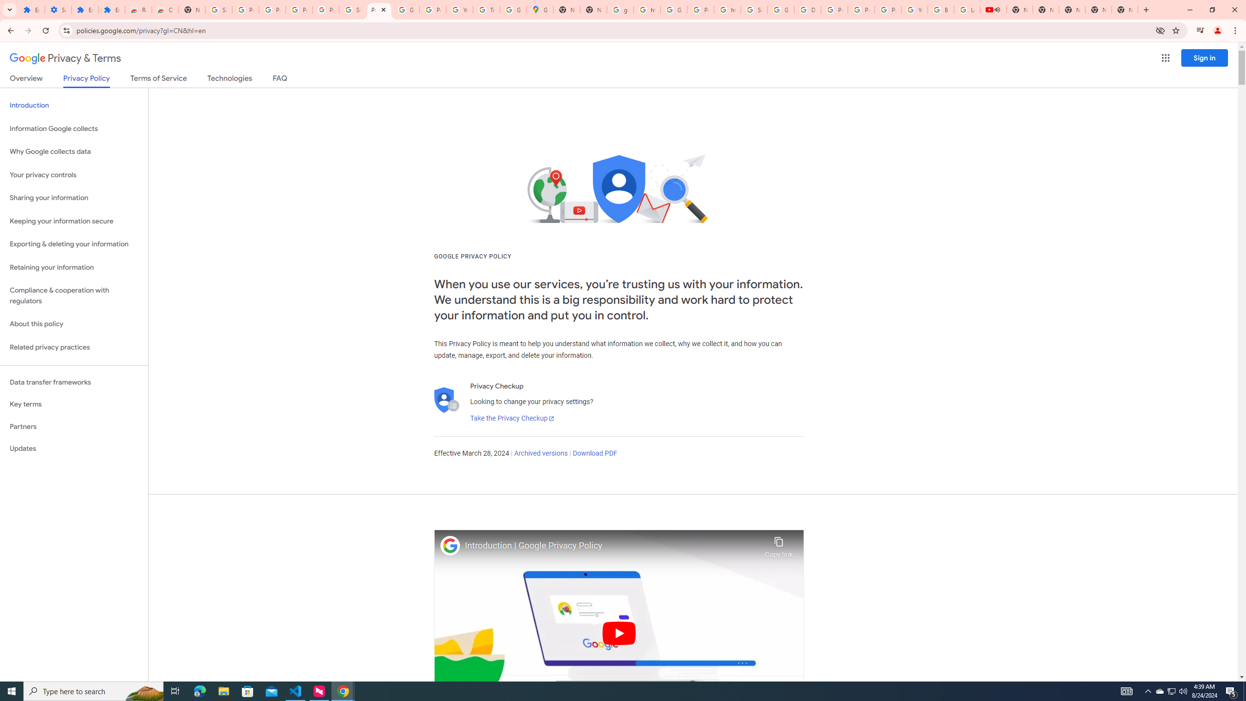 The width and height of the screenshot is (1246, 701). What do you see at coordinates (861, 9) in the screenshot?
I see `'Privacy Help Center - Policies Help'` at bounding box center [861, 9].